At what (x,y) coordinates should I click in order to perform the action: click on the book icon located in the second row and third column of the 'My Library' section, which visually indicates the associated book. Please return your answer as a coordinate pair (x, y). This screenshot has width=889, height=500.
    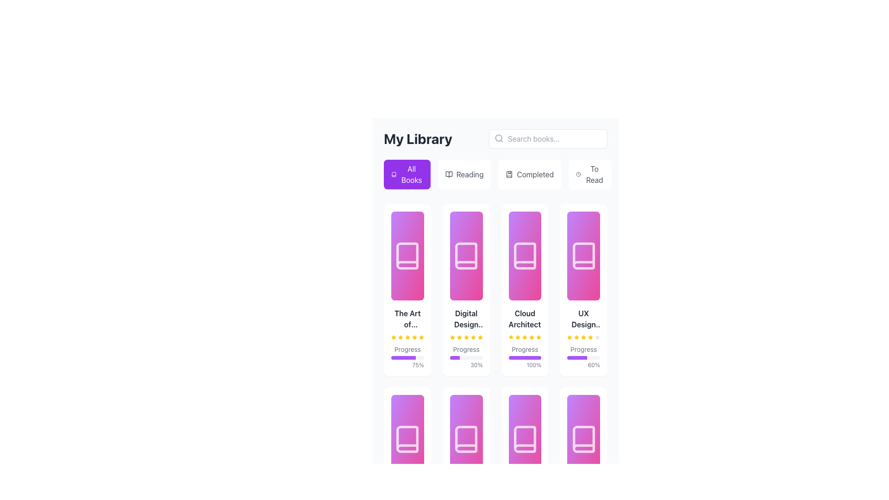
    Looking at the image, I should click on (525, 438).